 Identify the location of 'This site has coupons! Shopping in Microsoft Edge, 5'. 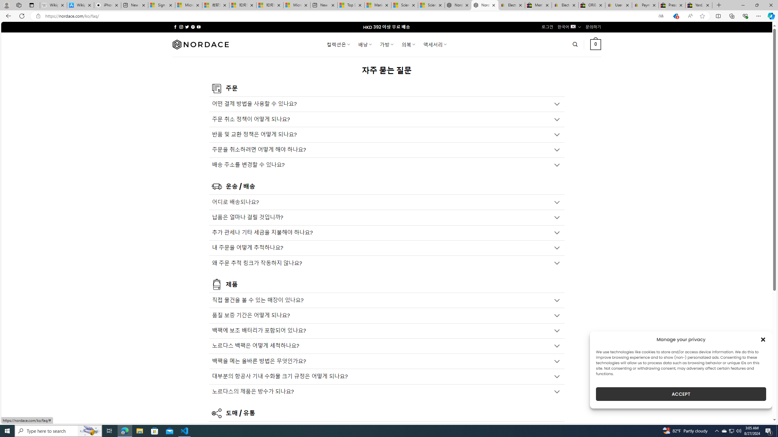
(675, 16).